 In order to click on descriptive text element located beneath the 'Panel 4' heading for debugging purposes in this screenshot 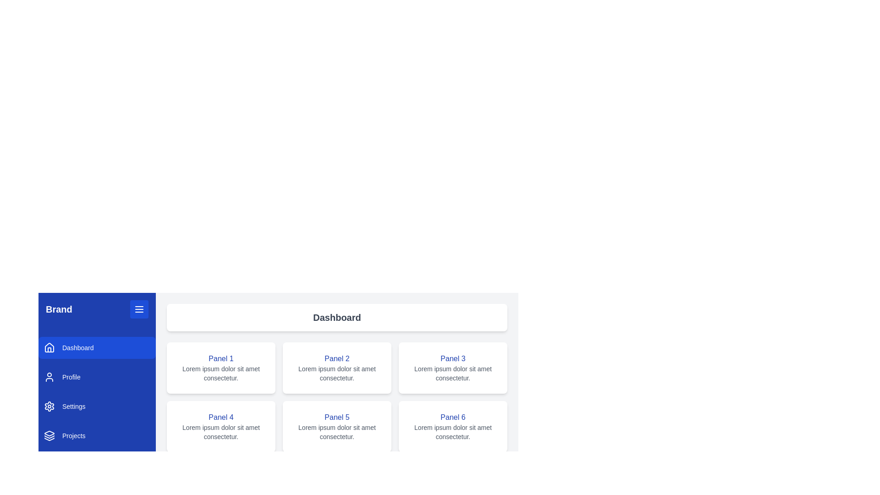, I will do `click(221, 432)`.